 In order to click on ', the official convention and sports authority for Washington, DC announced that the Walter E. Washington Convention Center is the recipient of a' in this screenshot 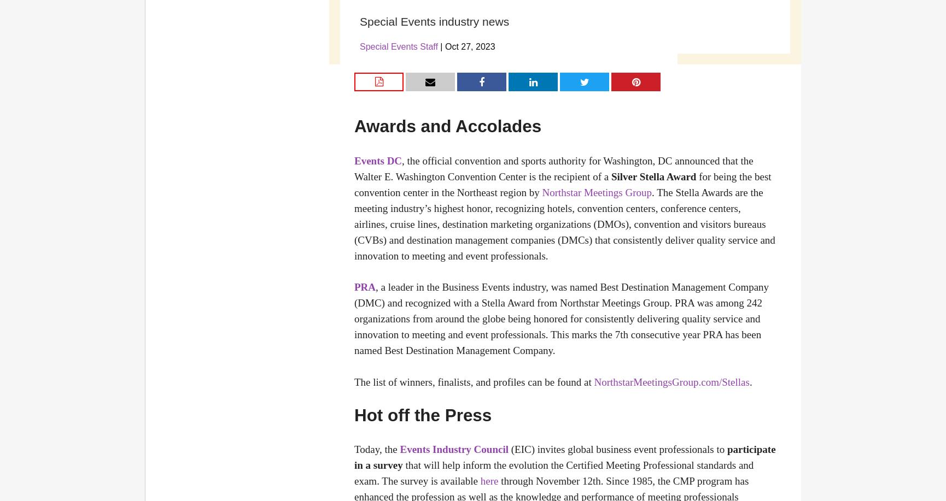, I will do `click(553, 168)`.